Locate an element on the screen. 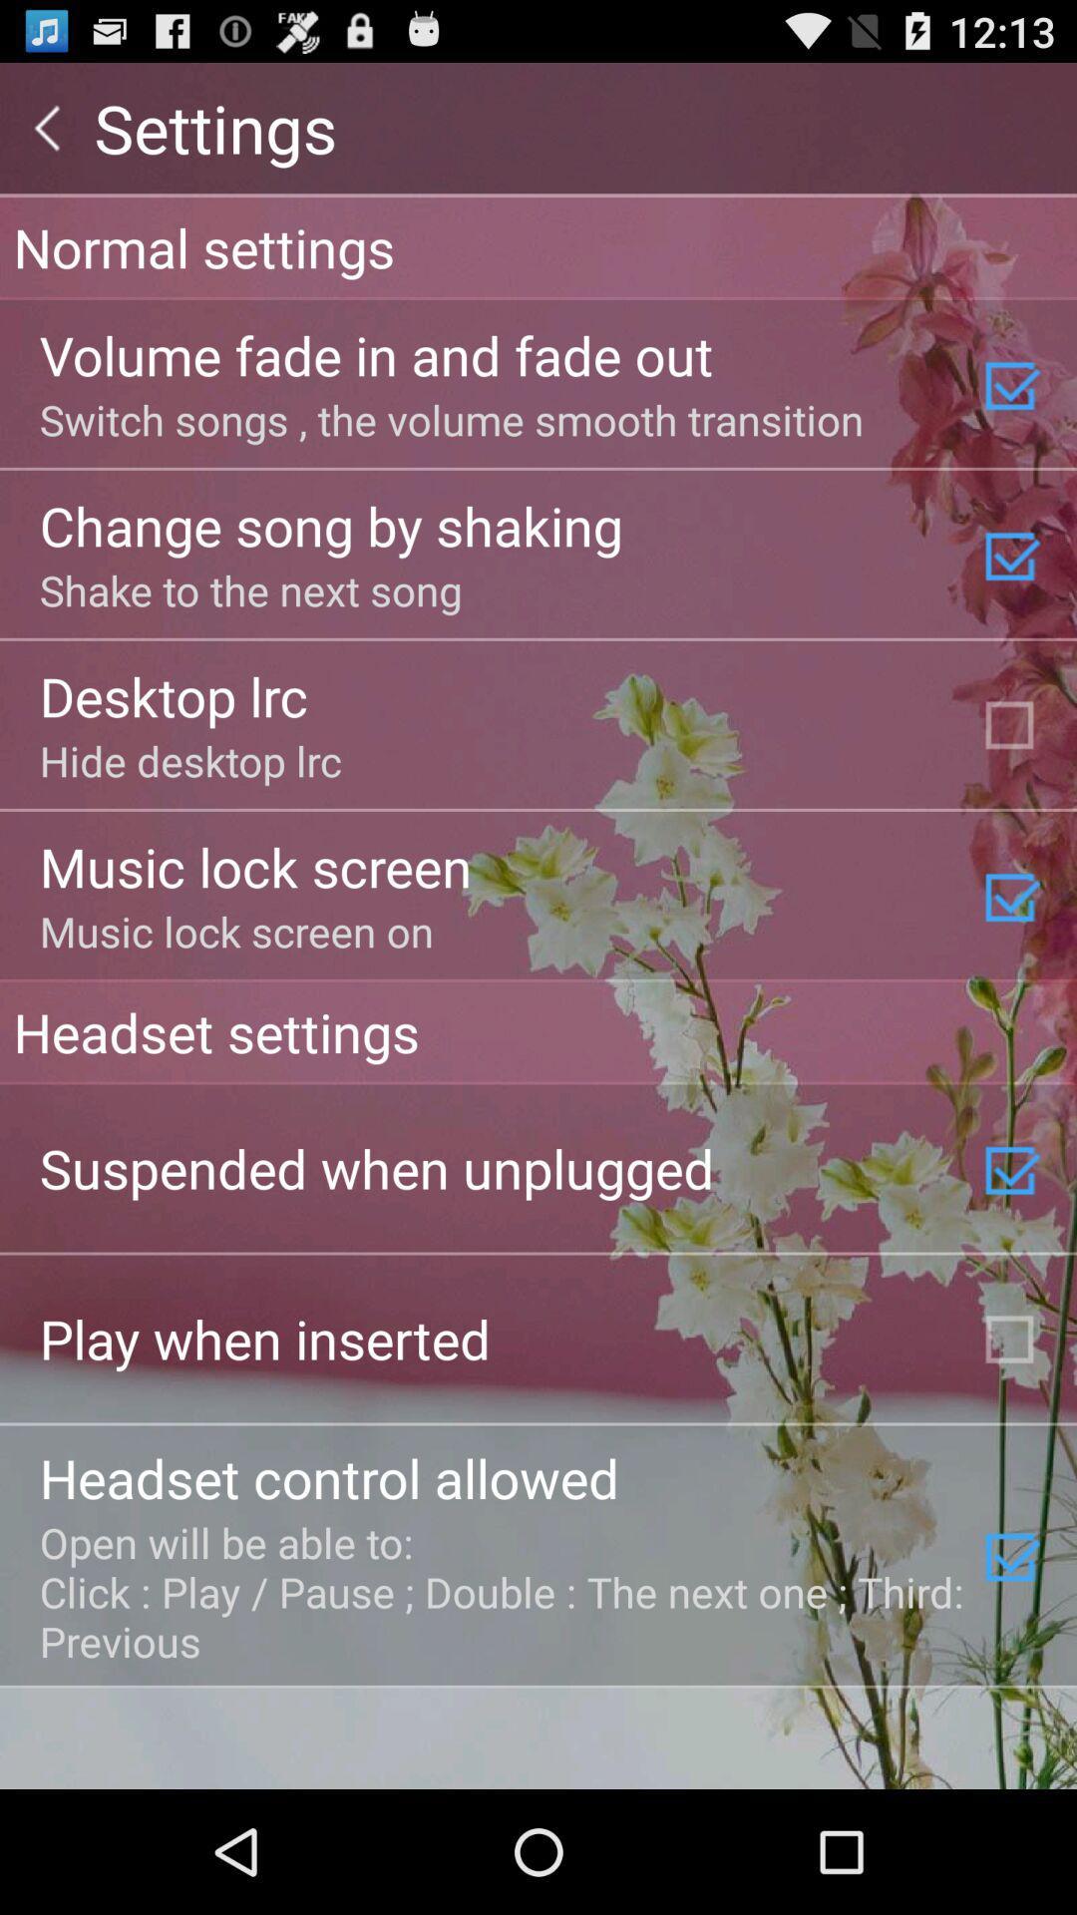  app below headset control allowed app is located at coordinates (503, 1590).